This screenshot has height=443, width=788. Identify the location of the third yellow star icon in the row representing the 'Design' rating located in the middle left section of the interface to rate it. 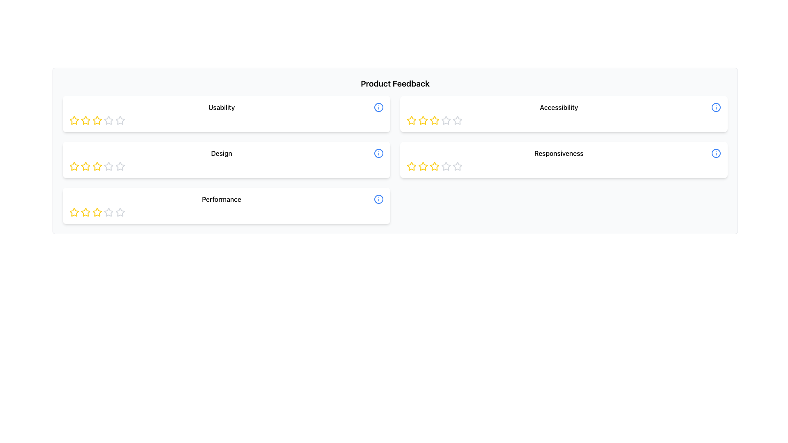
(86, 166).